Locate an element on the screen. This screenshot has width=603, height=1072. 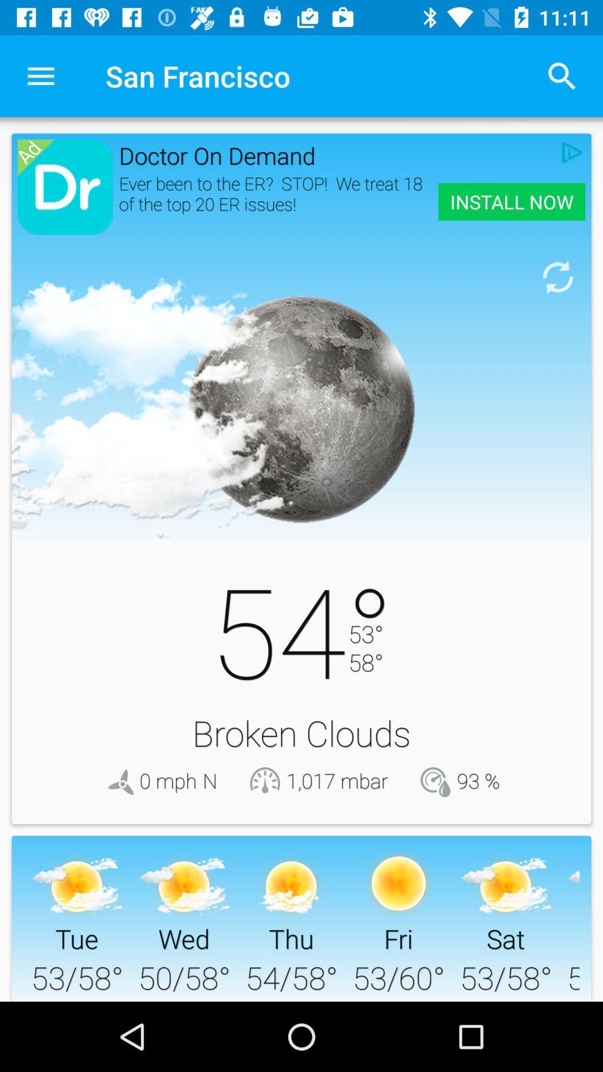
the item to the right of ever been to is located at coordinates (511, 202).